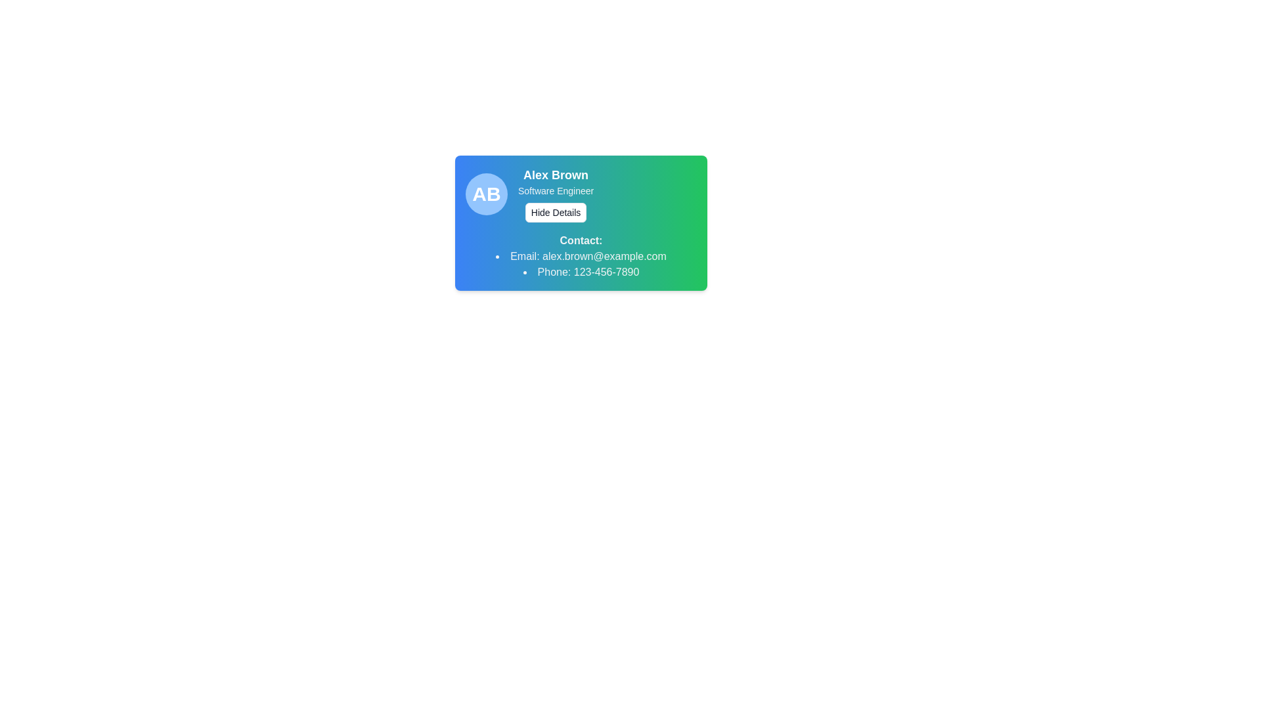 This screenshot has width=1261, height=709. What do you see at coordinates (580, 264) in the screenshot?
I see `the email address in the bulleted list located within the contact section, positioned below the 'Contact:' heading` at bounding box center [580, 264].